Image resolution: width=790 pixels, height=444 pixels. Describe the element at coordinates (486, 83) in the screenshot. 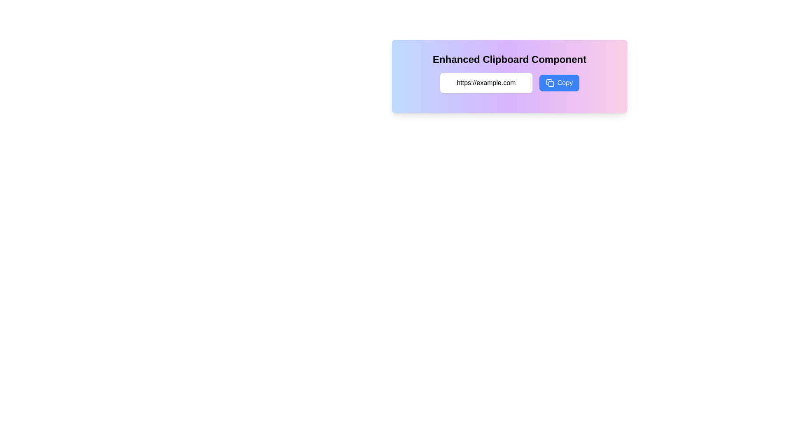

I see `the text input field displaying 'https://example.com' to focus on it` at that location.